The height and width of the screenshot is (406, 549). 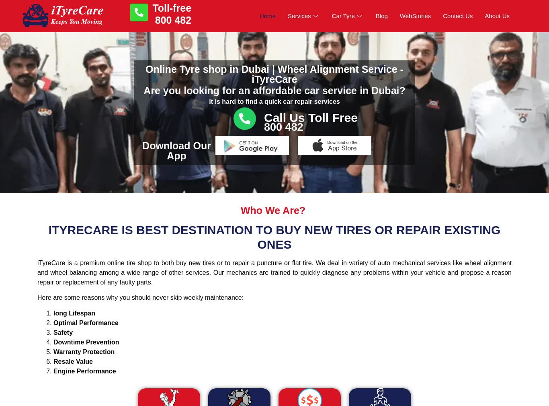 I want to click on 'Nexen Tyre', so click(x=346, y=198).